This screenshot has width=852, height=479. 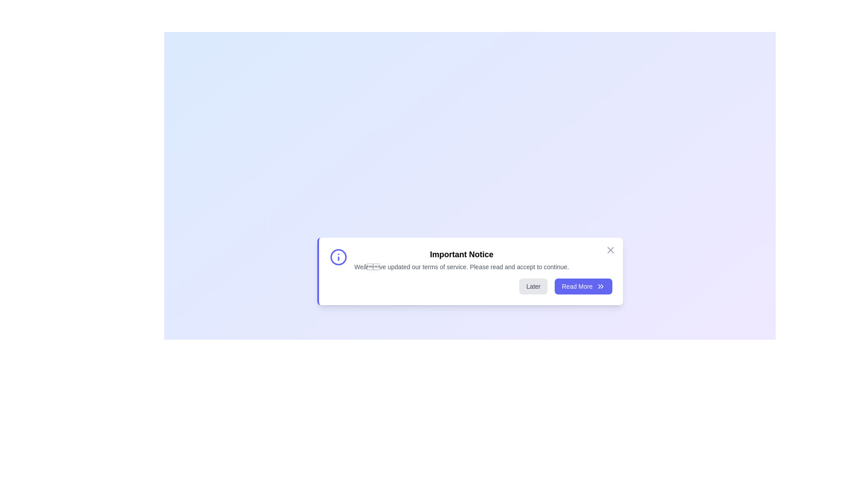 What do you see at coordinates (583, 286) in the screenshot?
I see `'Read More' button to view additional details` at bounding box center [583, 286].